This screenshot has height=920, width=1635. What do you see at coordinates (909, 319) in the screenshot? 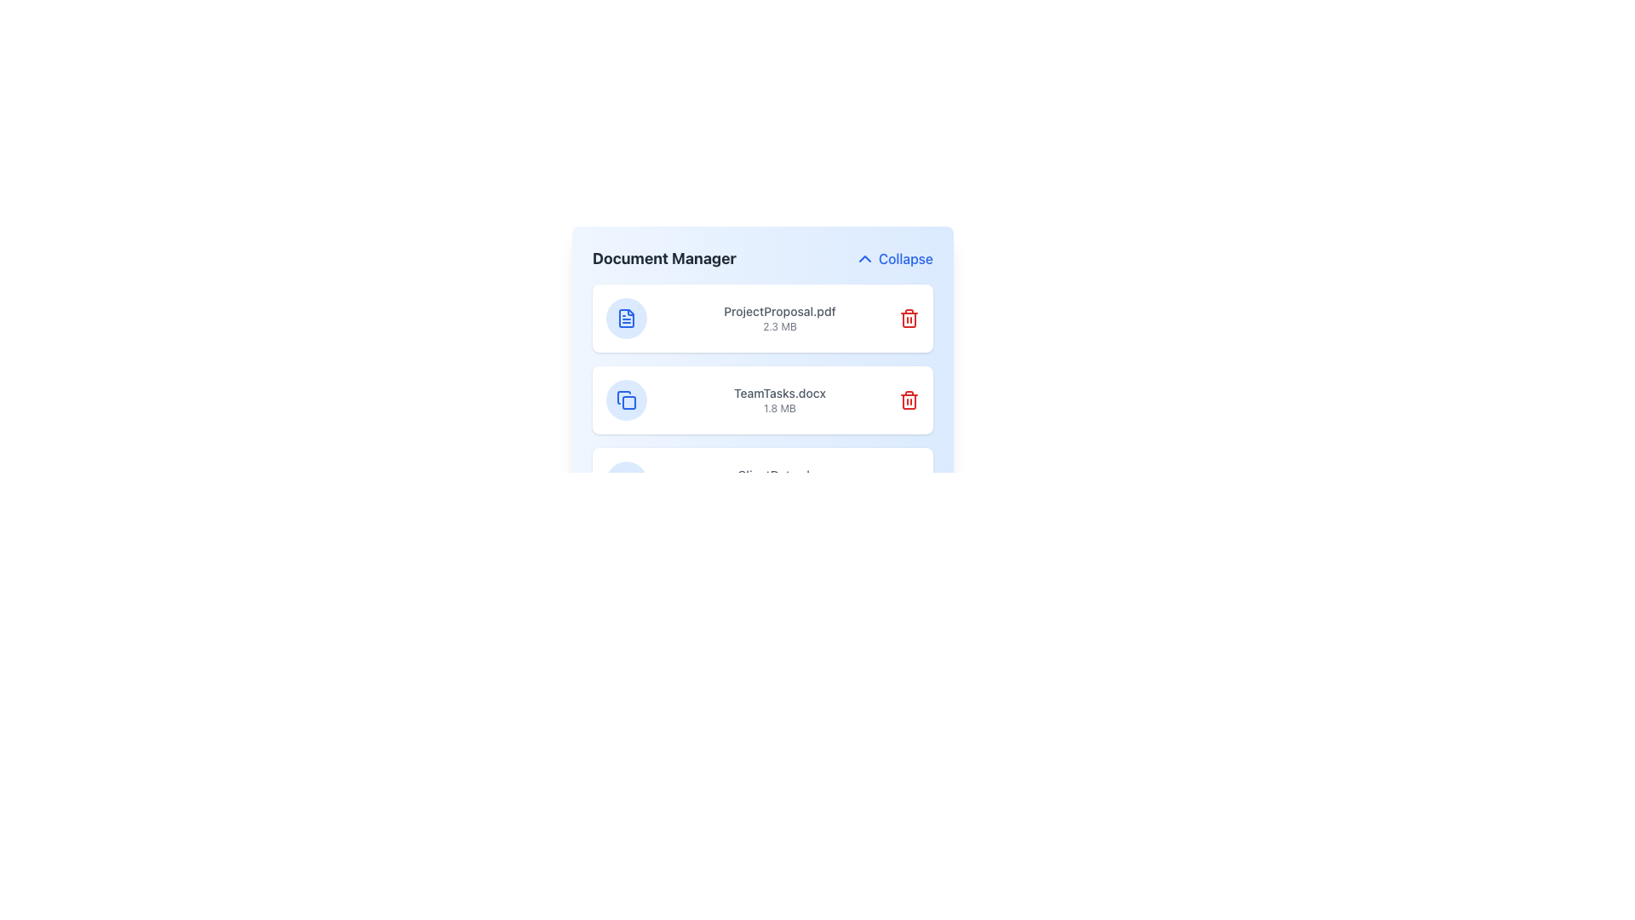
I see `the red trash icon button for the 'ProjectProposal.pdf' file` at bounding box center [909, 319].